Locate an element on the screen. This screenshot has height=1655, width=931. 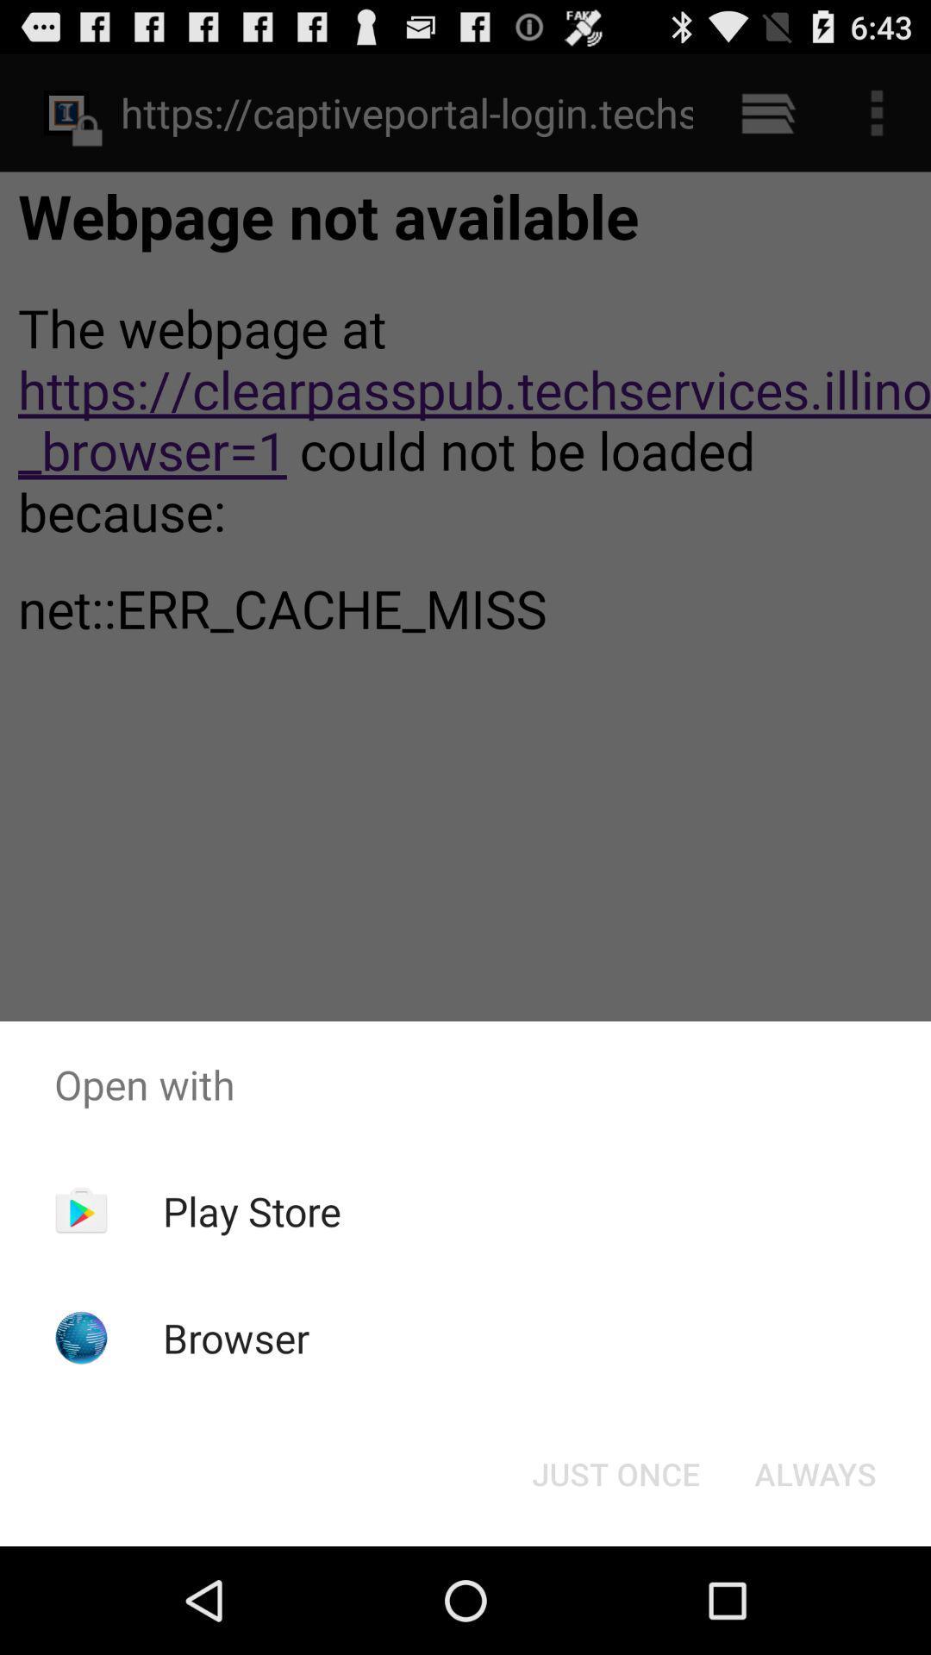
button to the left of the always item is located at coordinates (615, 1472).